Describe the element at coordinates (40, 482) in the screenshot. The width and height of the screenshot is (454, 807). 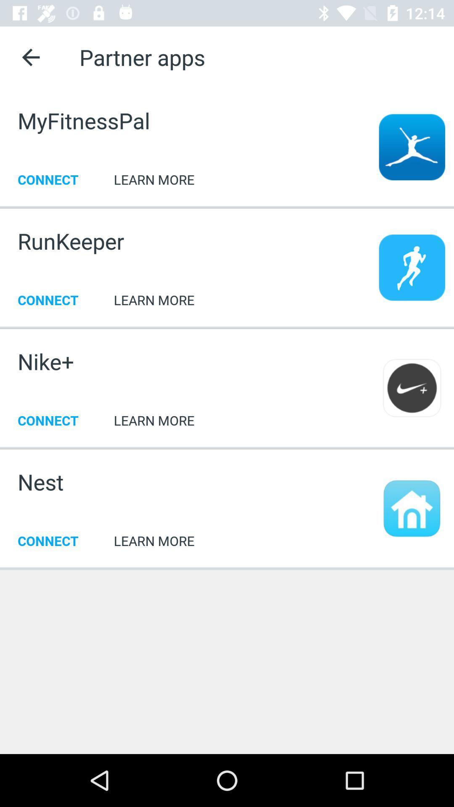
I see `the item next to the learn more item` at that location.